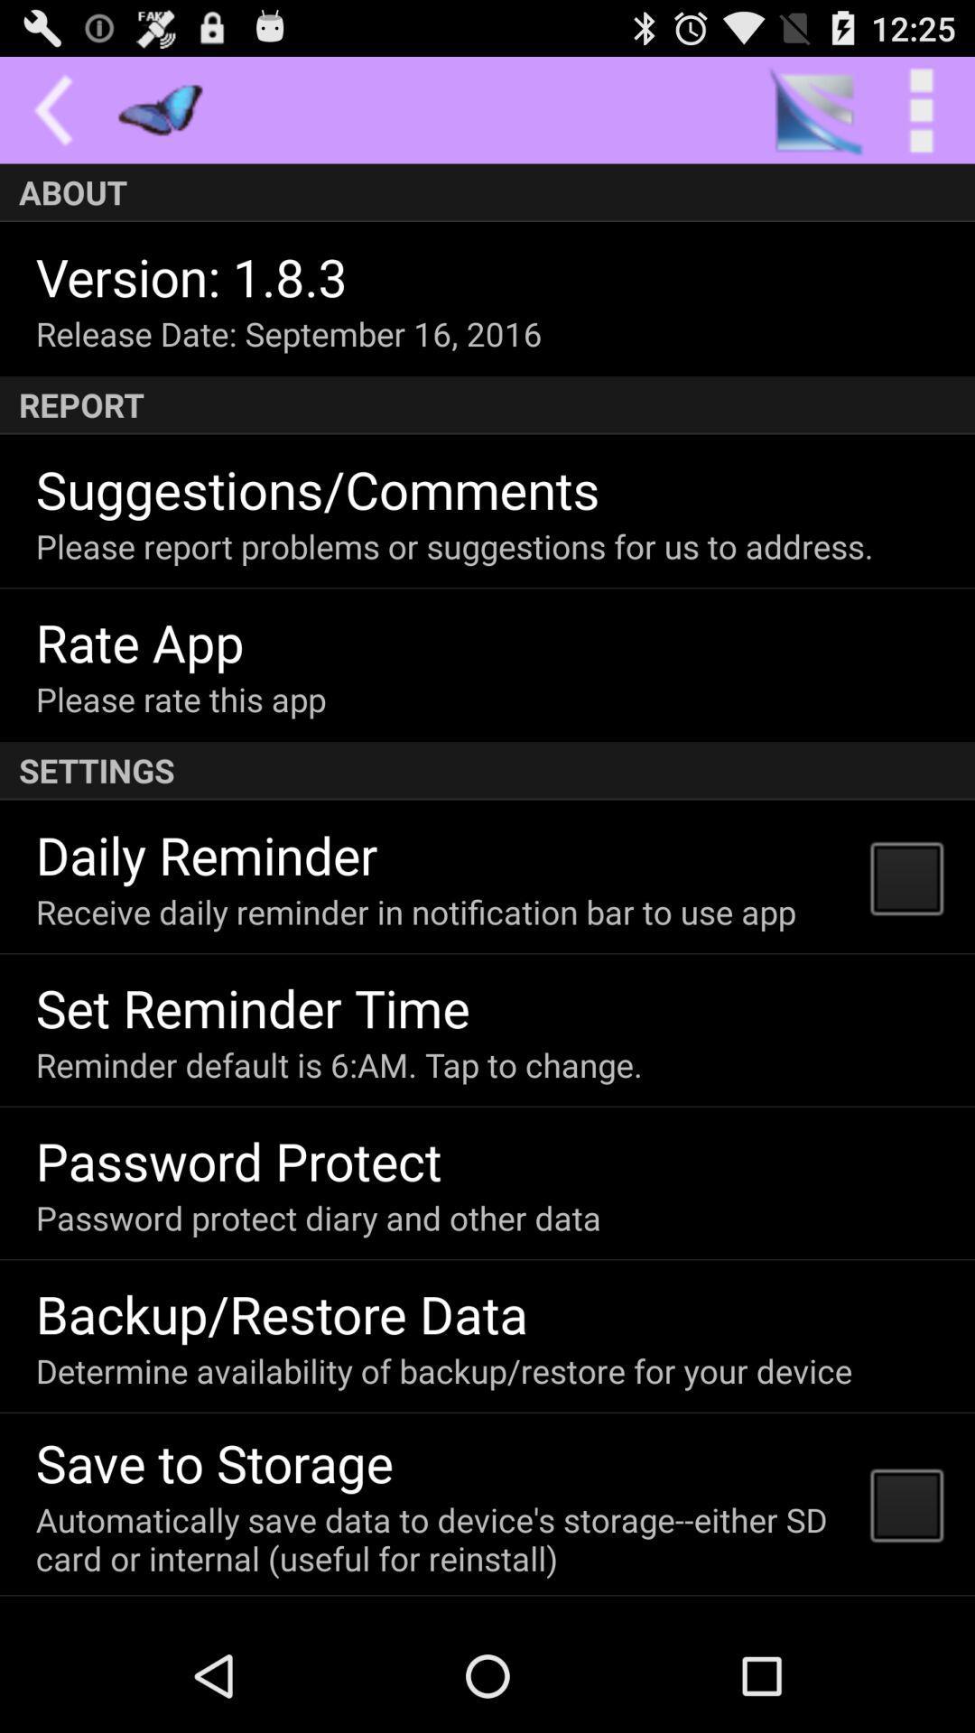 The image size is (975, 1733). I want to click on item below version 1 8 app, so click(288, 333).